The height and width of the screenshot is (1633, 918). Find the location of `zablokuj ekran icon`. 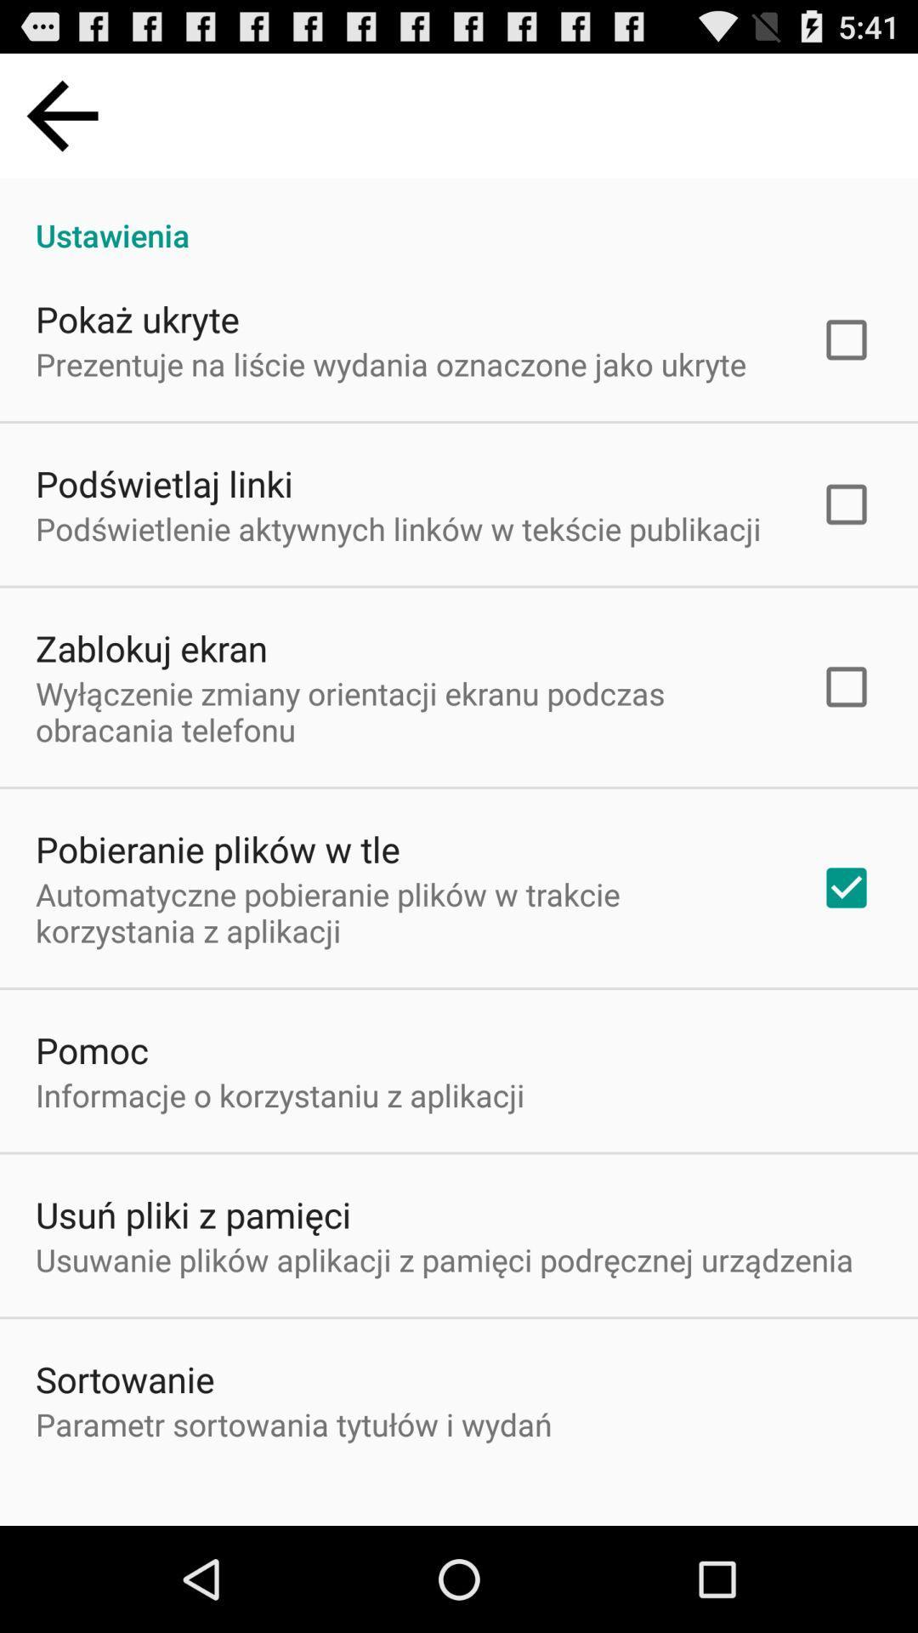

zablokuj ekran icon is located at coordinates (150, 647).